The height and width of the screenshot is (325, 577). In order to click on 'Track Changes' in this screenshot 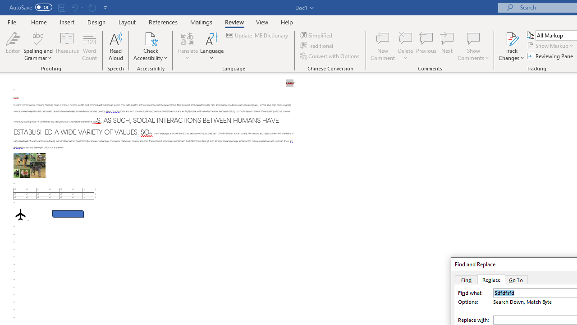, I will do `click(511, 46)`.